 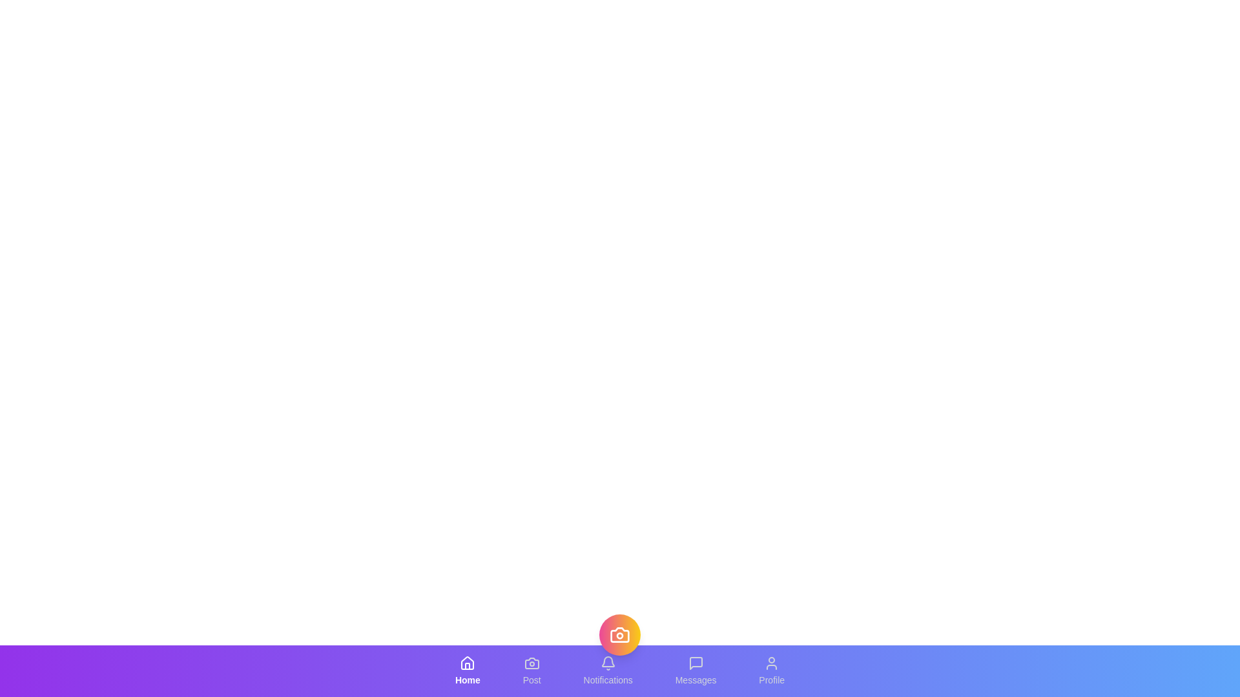 What do you see at coordinates (772, 671) in the screenshot?
I see `the tab labeled Profile to observe the visual effect` at bounding box center [772, 671].